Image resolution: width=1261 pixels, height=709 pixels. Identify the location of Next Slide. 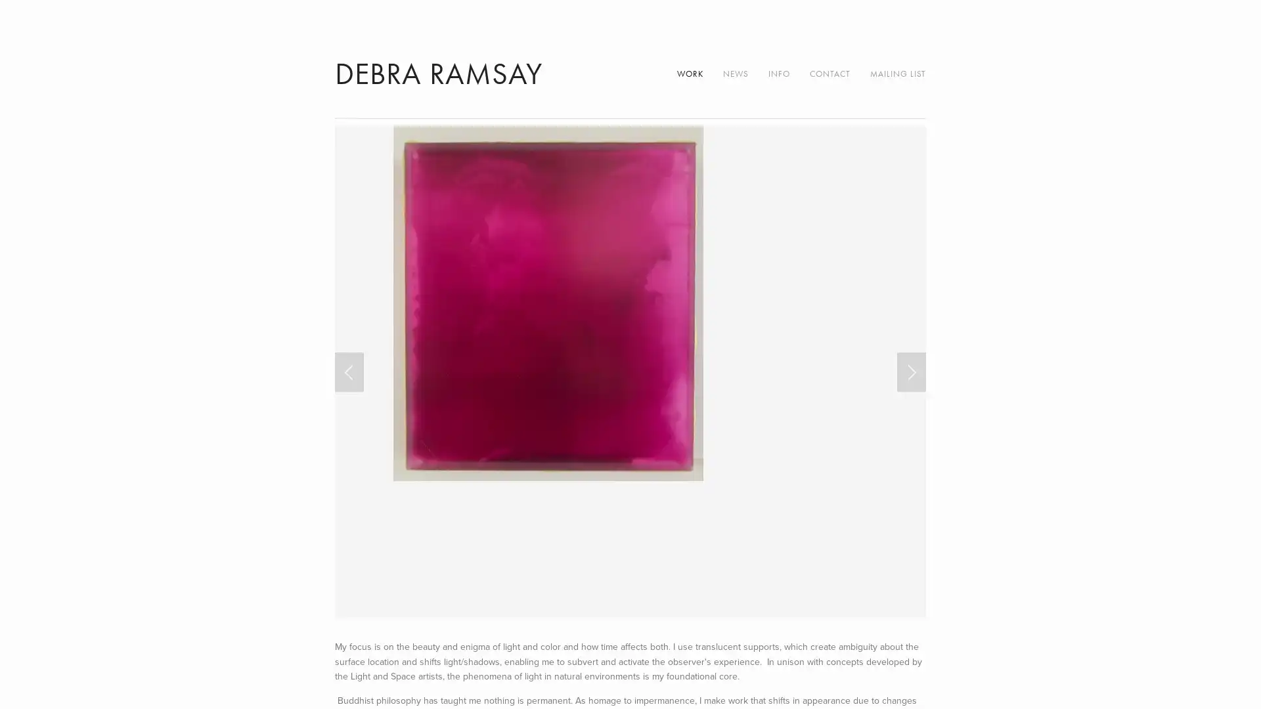
(910, 372).